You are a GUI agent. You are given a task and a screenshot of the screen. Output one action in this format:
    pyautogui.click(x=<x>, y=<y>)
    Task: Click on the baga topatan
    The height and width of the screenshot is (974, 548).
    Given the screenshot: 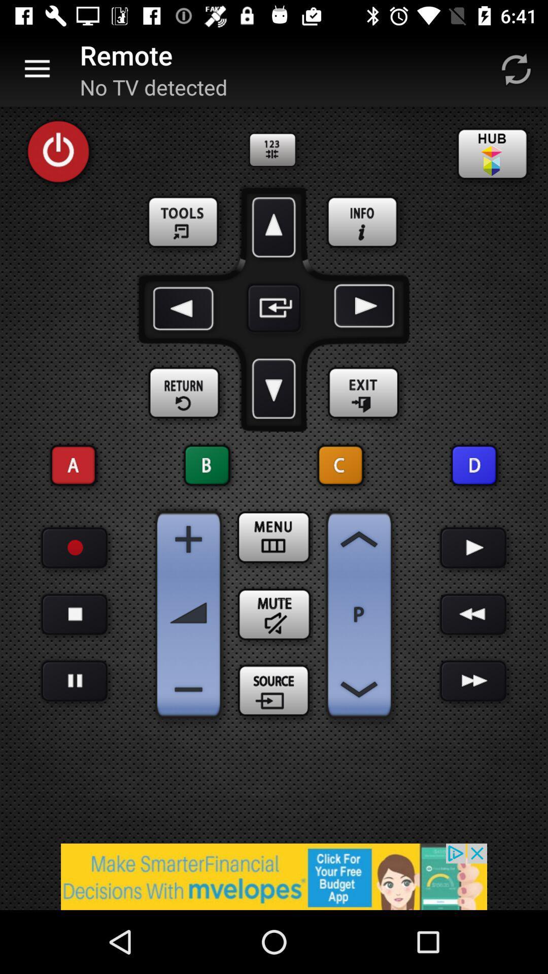 What is the action you would take?
    pyautogui.click(x=473, y=614)
    